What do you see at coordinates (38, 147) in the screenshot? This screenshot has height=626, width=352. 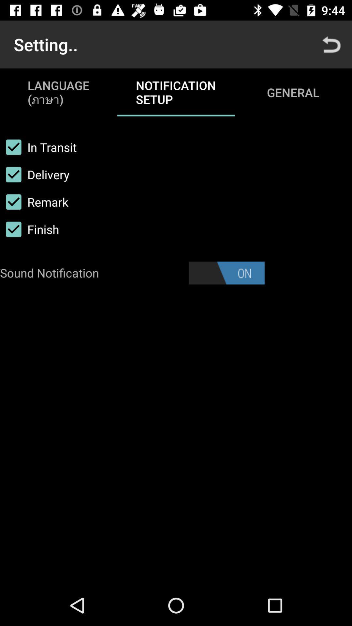 I see `the checkbox above delivery item` at bounding box center [38, 147].